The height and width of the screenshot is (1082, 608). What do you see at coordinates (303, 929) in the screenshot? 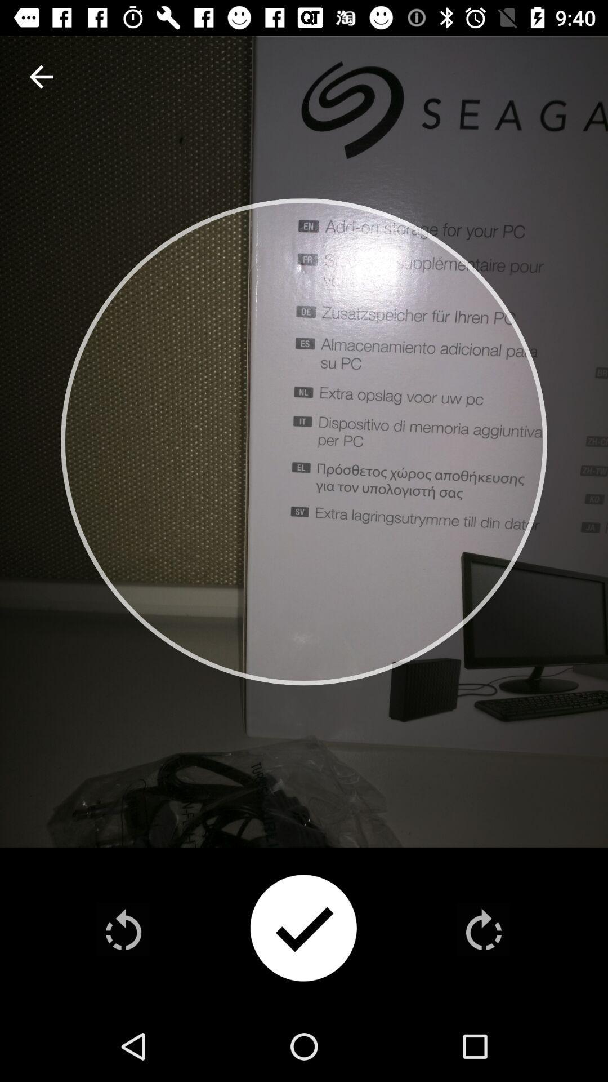
I see `the check icon` at bounding box center [303, 929].